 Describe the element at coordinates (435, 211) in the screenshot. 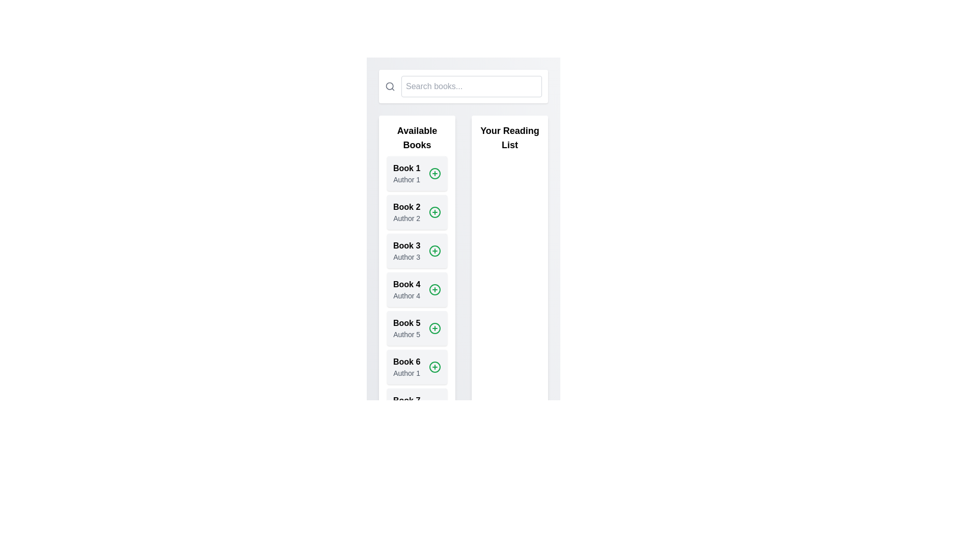

I see `the SVG circle element that represents the 'Add to Reading List' button, located to the right of the 'Book 2' entry in the 'Available Books' list` at that location.